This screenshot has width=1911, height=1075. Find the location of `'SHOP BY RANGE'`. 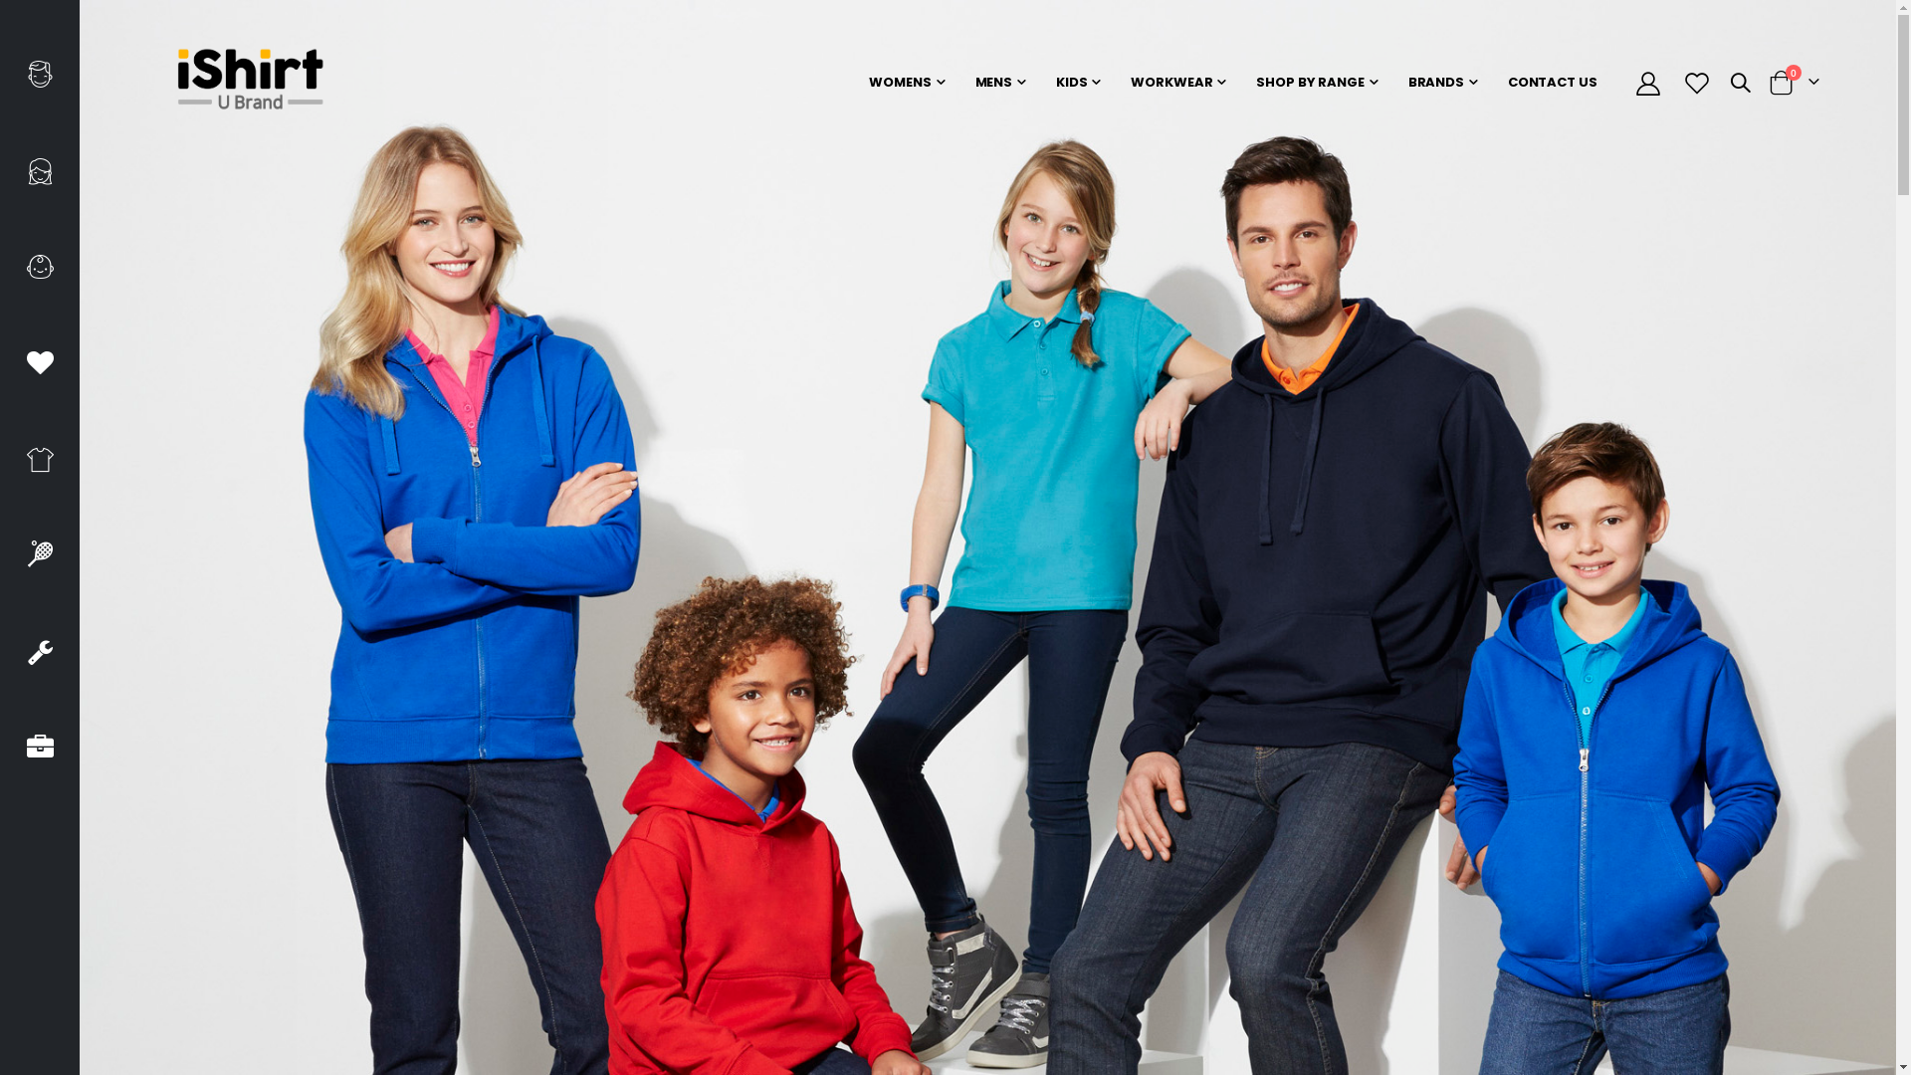

'SHOP BY RANGE' is located at coordinates (1316, 82).